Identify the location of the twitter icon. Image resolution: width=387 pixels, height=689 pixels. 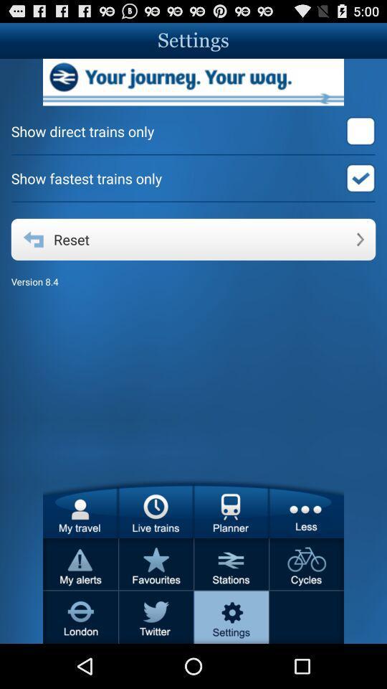
(155, 657).